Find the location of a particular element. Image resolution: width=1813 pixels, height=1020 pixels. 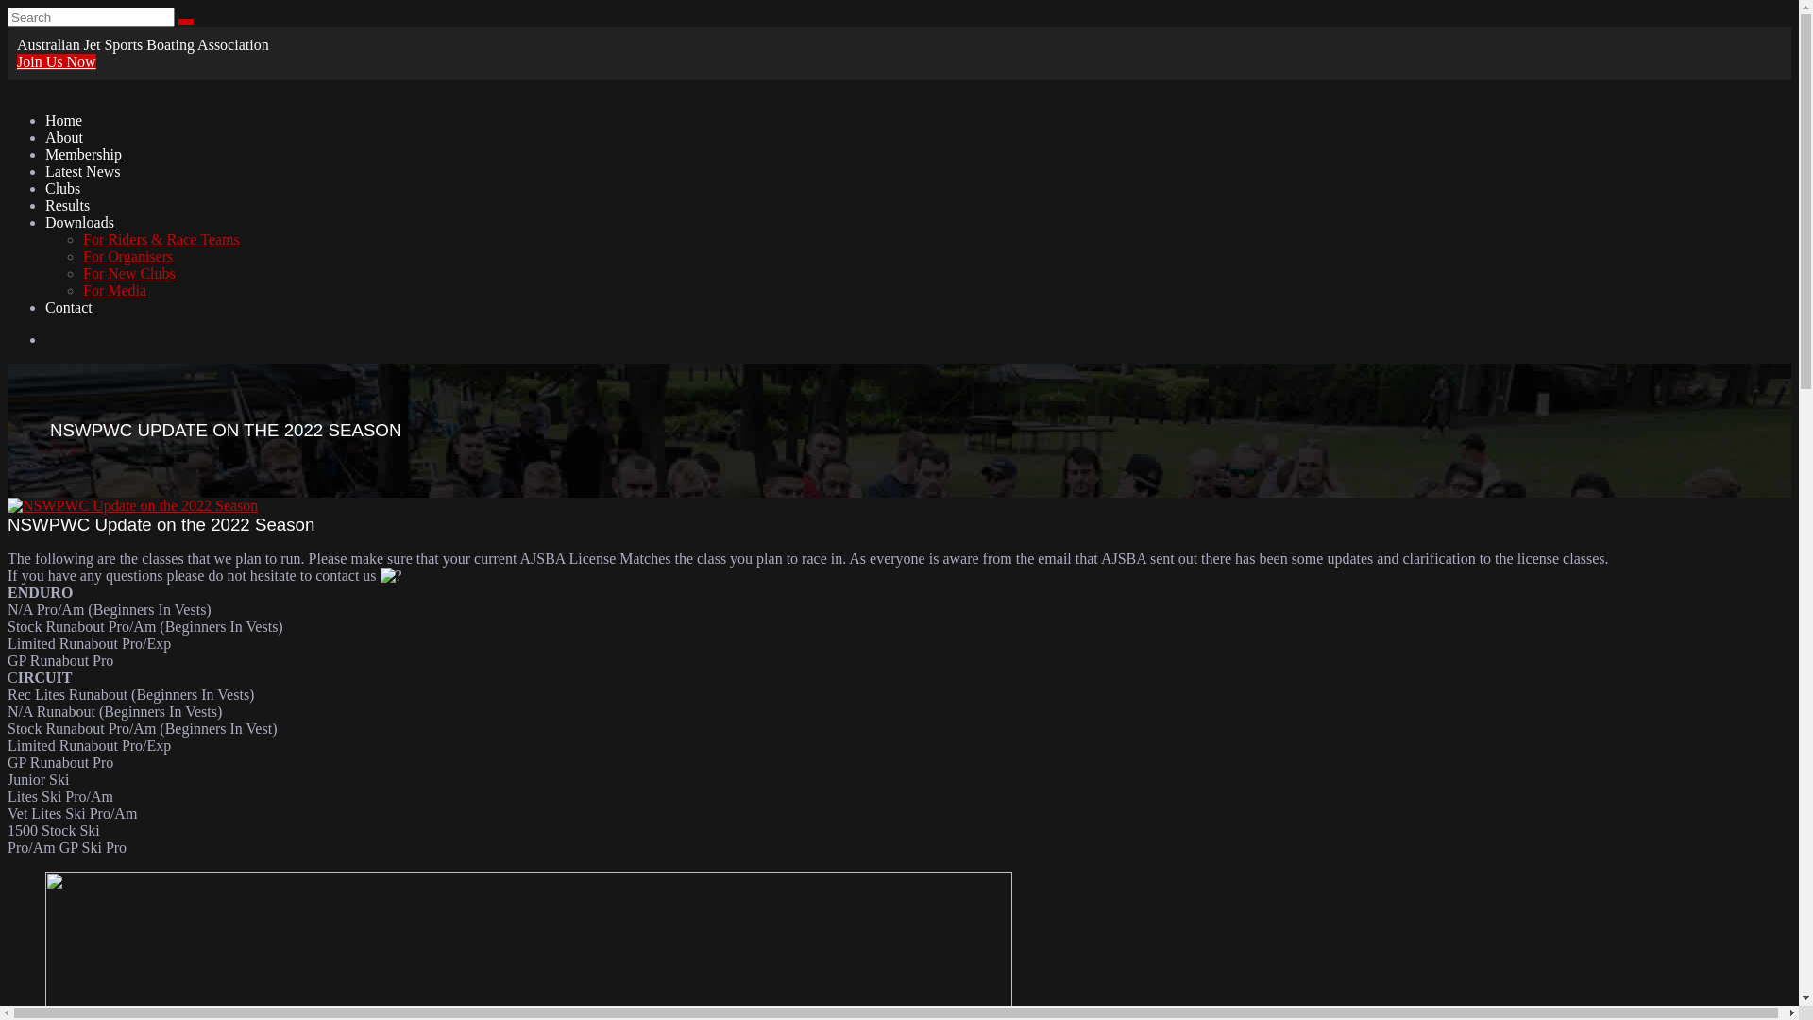

'Clubs' is located at coordinates (62, 188).